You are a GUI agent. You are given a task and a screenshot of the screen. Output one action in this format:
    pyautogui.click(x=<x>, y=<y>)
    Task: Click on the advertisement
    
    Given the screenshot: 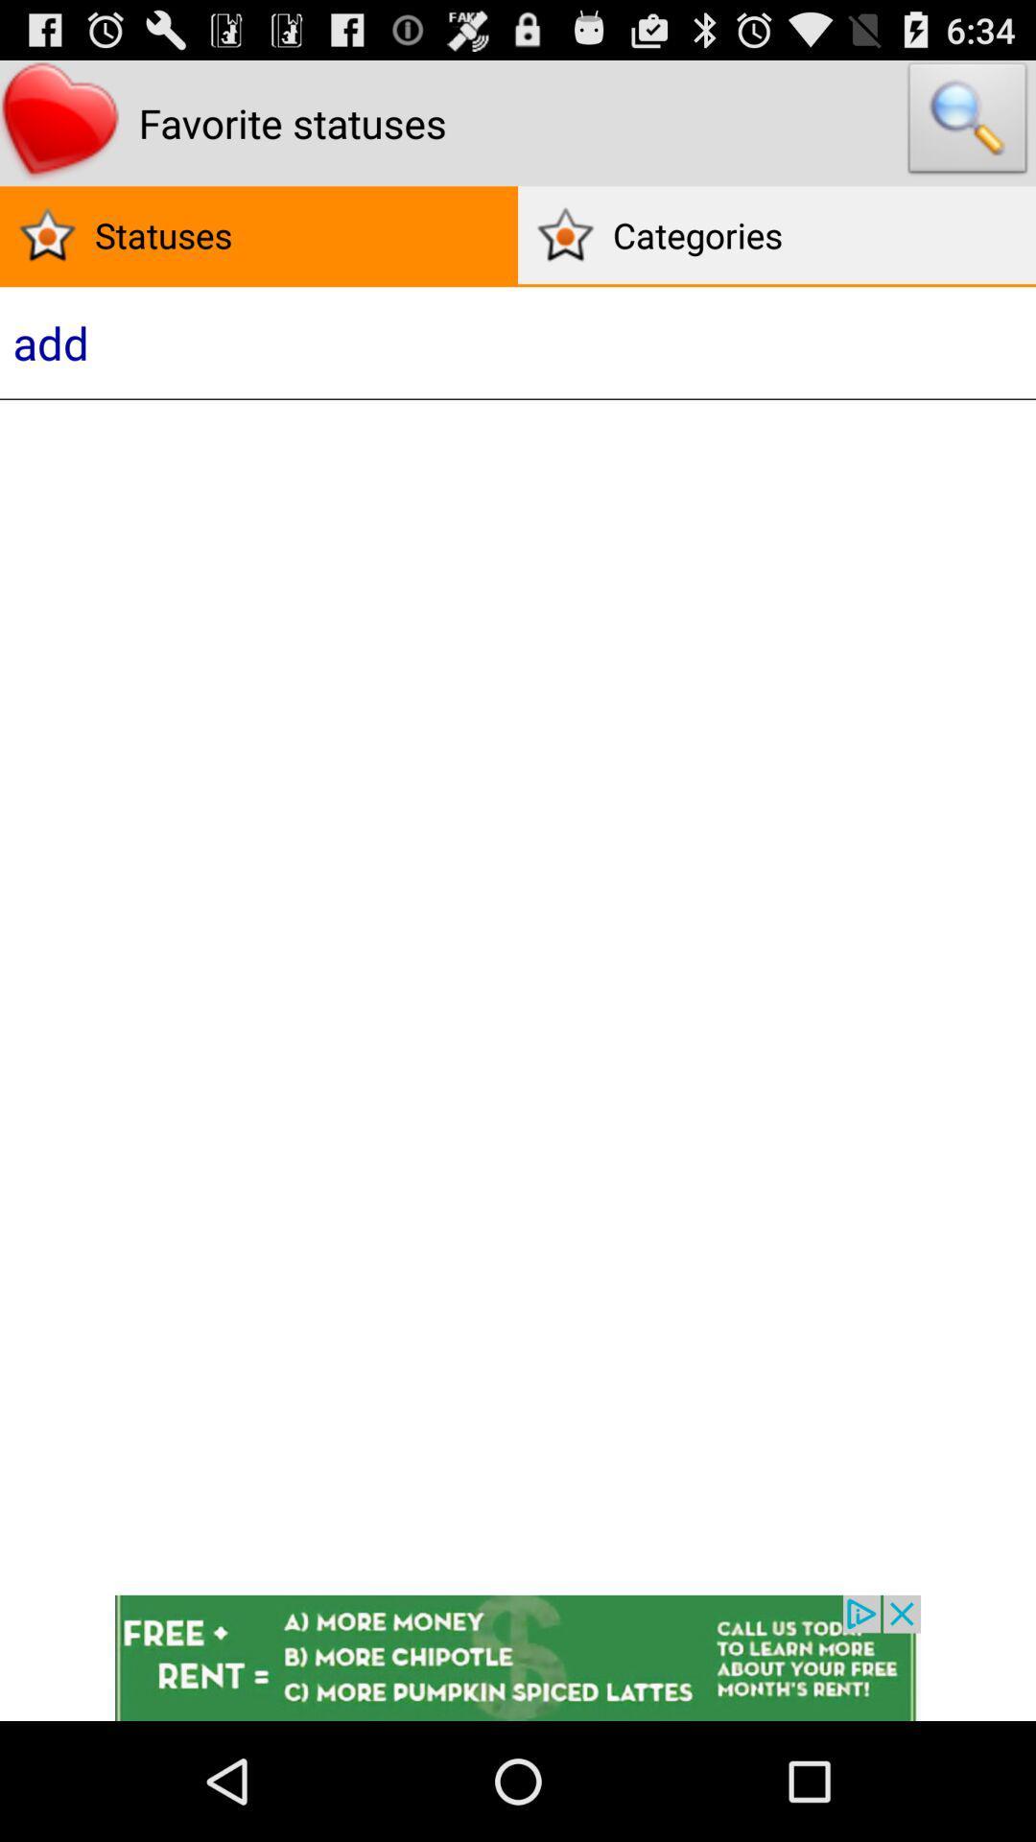 What is the action you would take?
    pyautogui.click(x=518, y=1657)
    